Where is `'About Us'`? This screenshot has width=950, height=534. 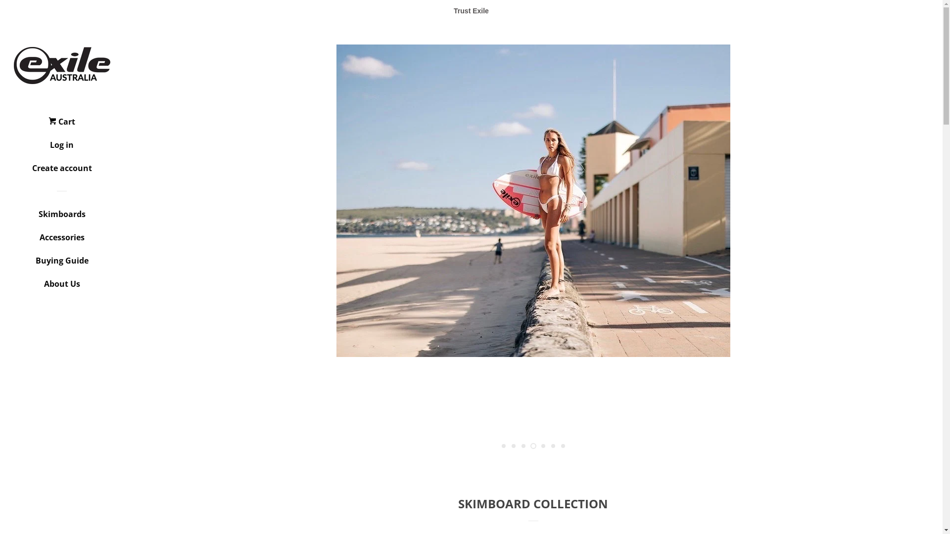 'About Us' is located at coordinates (61, 287).